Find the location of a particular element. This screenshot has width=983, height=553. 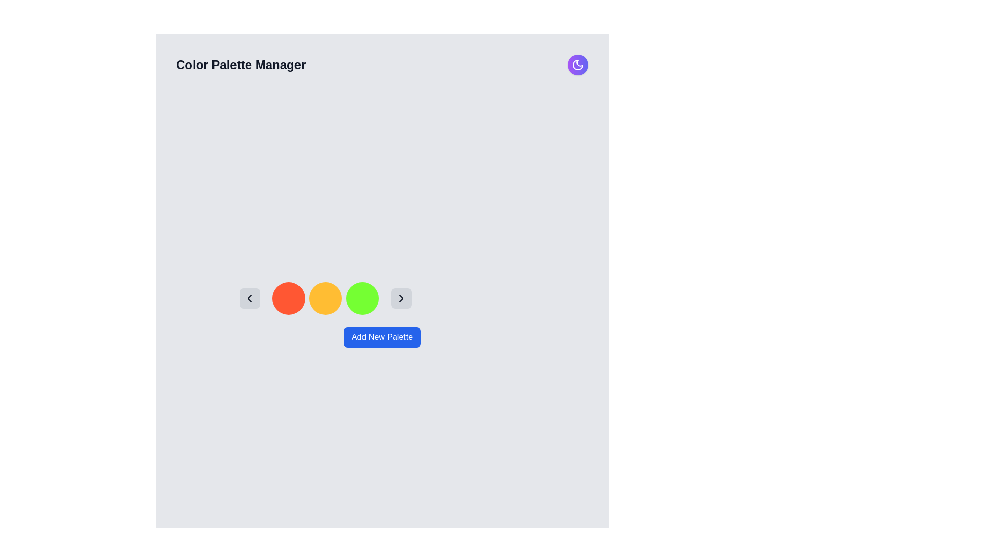

the rightmost navigation button to trigger hover effects, which is located to the right of three circular items in primary colors (orange, yellow, green) and aligned vertically with them is located at coordinates (400, 298).